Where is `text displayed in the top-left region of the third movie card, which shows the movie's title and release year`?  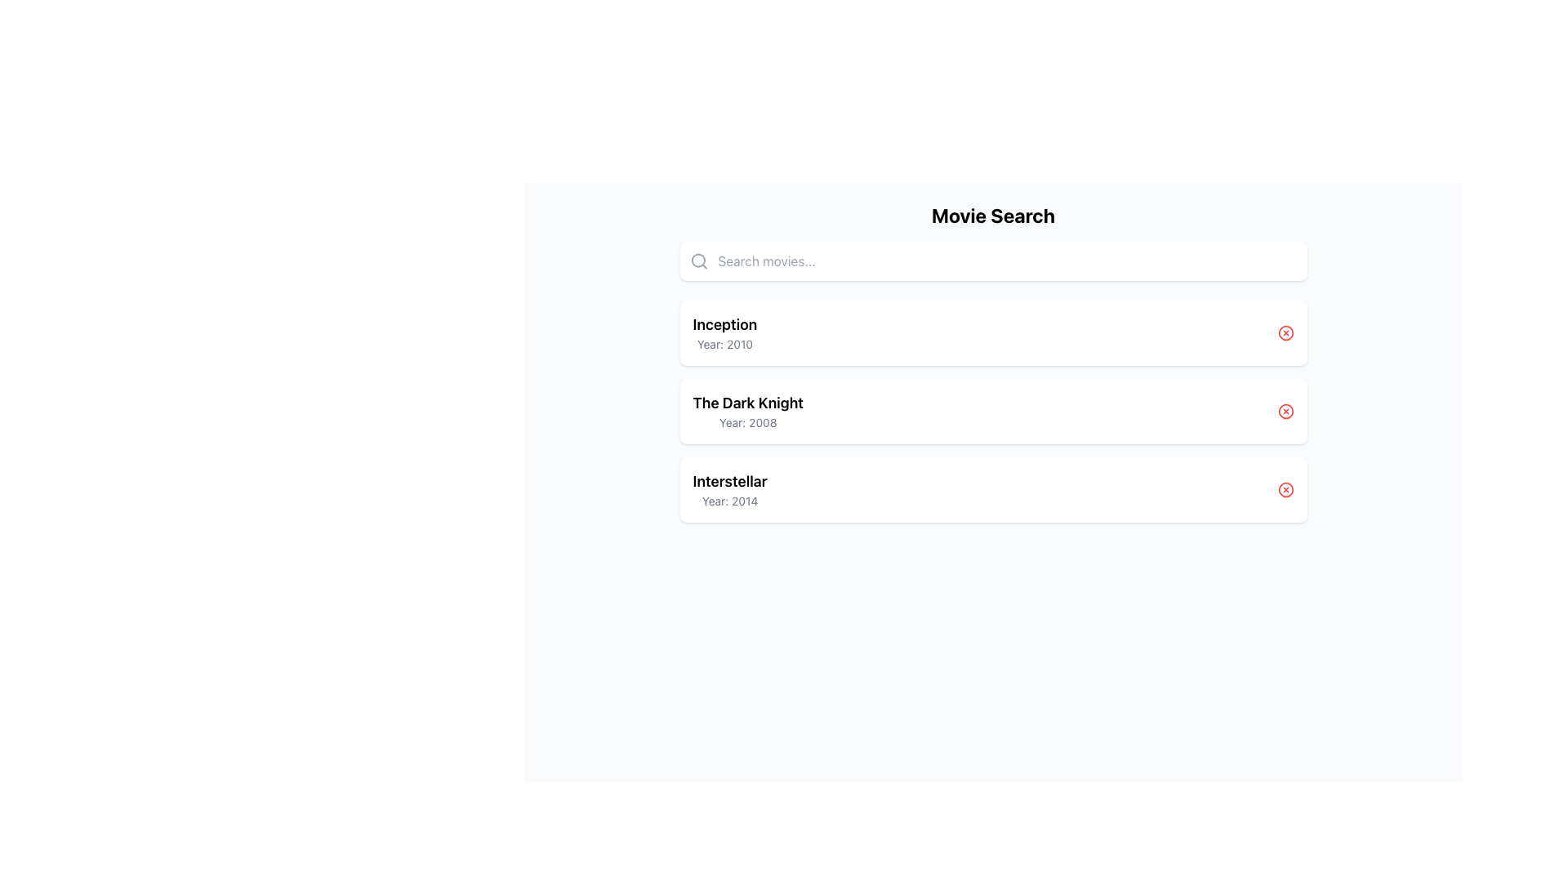 text displayed in the top-left region of the third movie card, which shows the movie's title and release year is located at coordinates (729, 489).